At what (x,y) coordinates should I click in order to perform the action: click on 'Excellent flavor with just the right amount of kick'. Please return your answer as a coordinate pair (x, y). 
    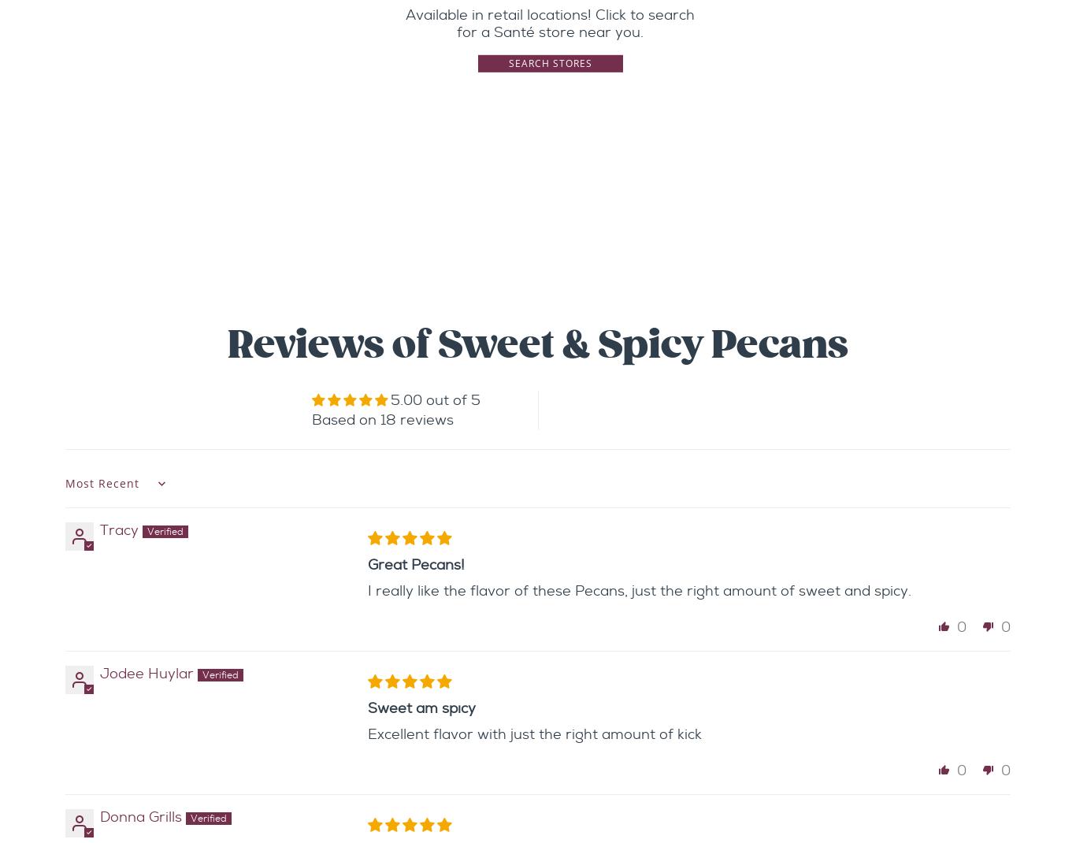
    Looking at the image, I should click on (534, 733).